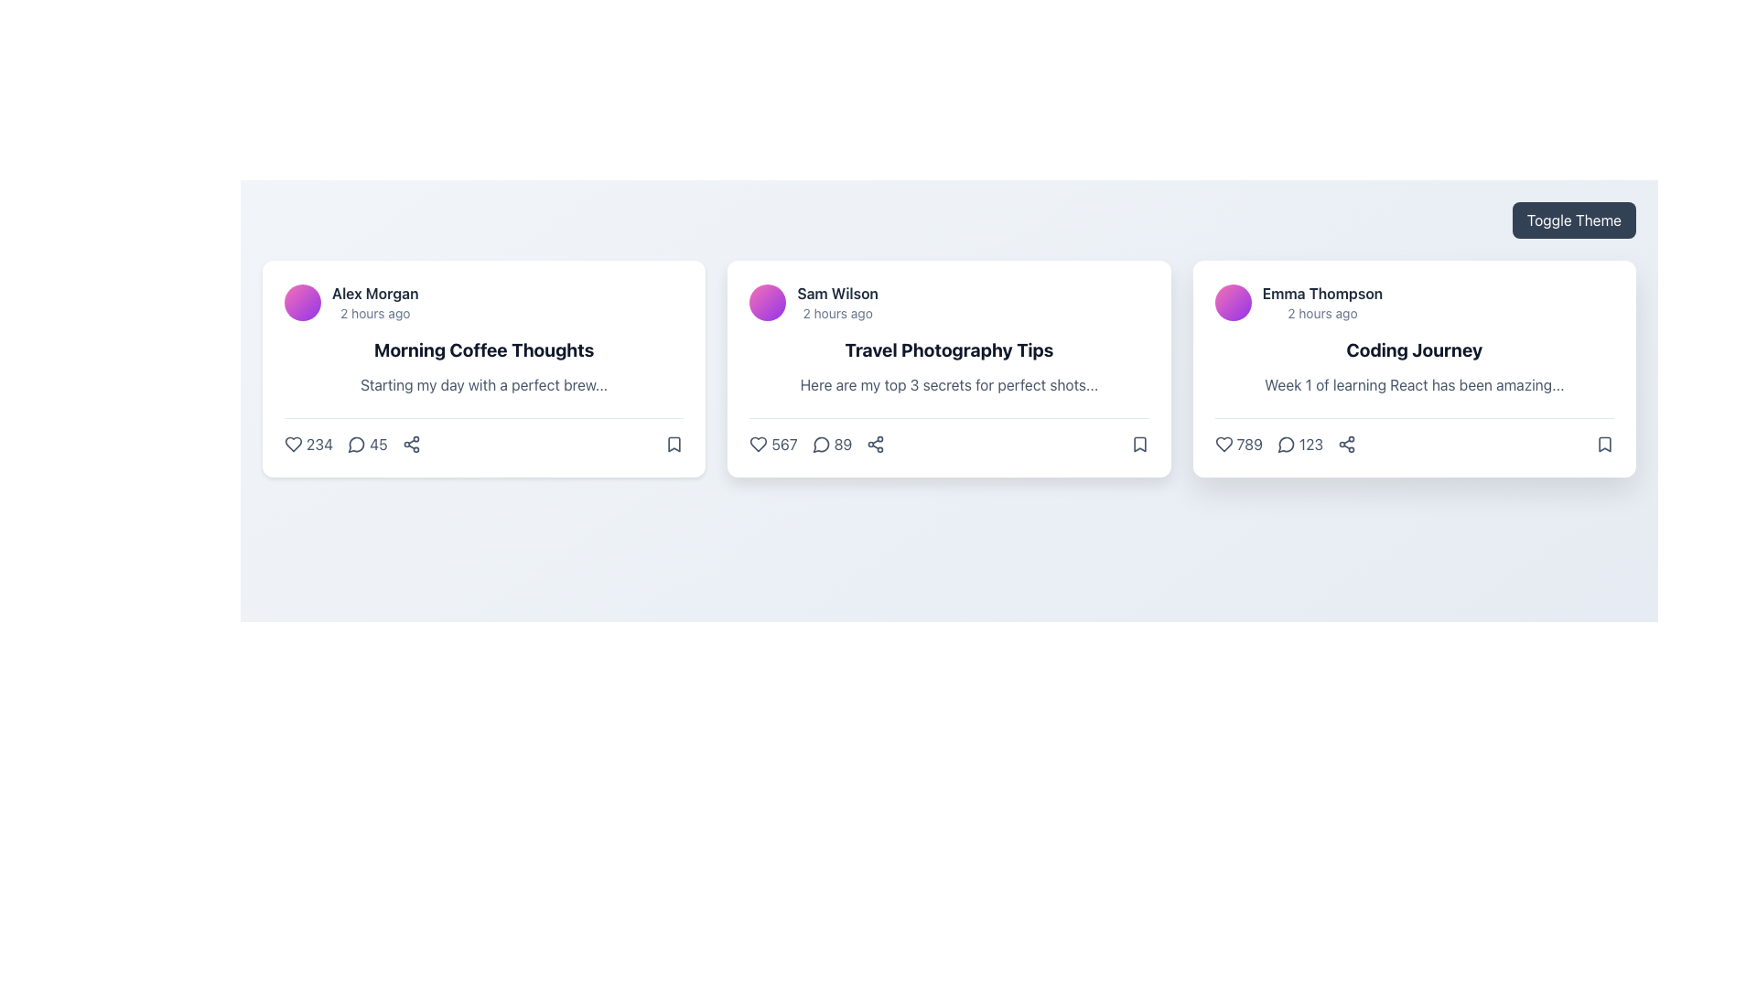  I want to click on the text label displaying 'Emma Thompson', which is styled in bold and located at the top-left corner of the third card, adjacent to a circular avatar icon, so click(1322, 292).